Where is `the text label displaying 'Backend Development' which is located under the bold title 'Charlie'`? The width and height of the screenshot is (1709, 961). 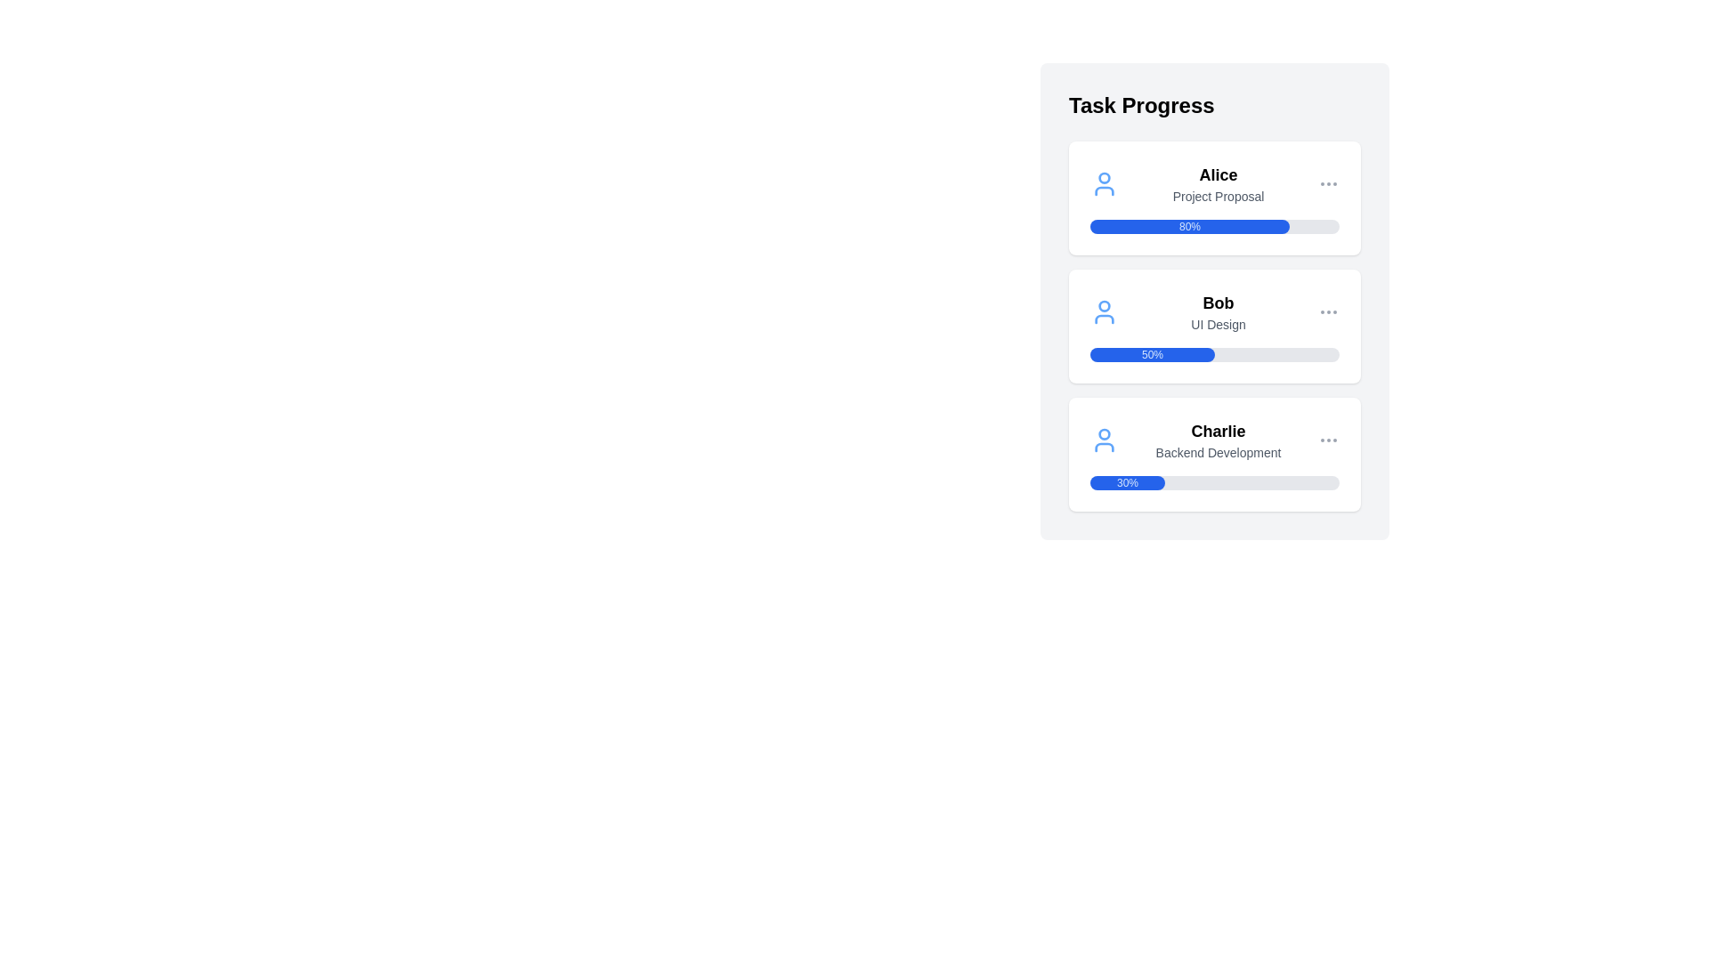 the text label displaying 'Backend Development' which is located under the bold title 'Charlie' is located at coordinates (1217, 452).